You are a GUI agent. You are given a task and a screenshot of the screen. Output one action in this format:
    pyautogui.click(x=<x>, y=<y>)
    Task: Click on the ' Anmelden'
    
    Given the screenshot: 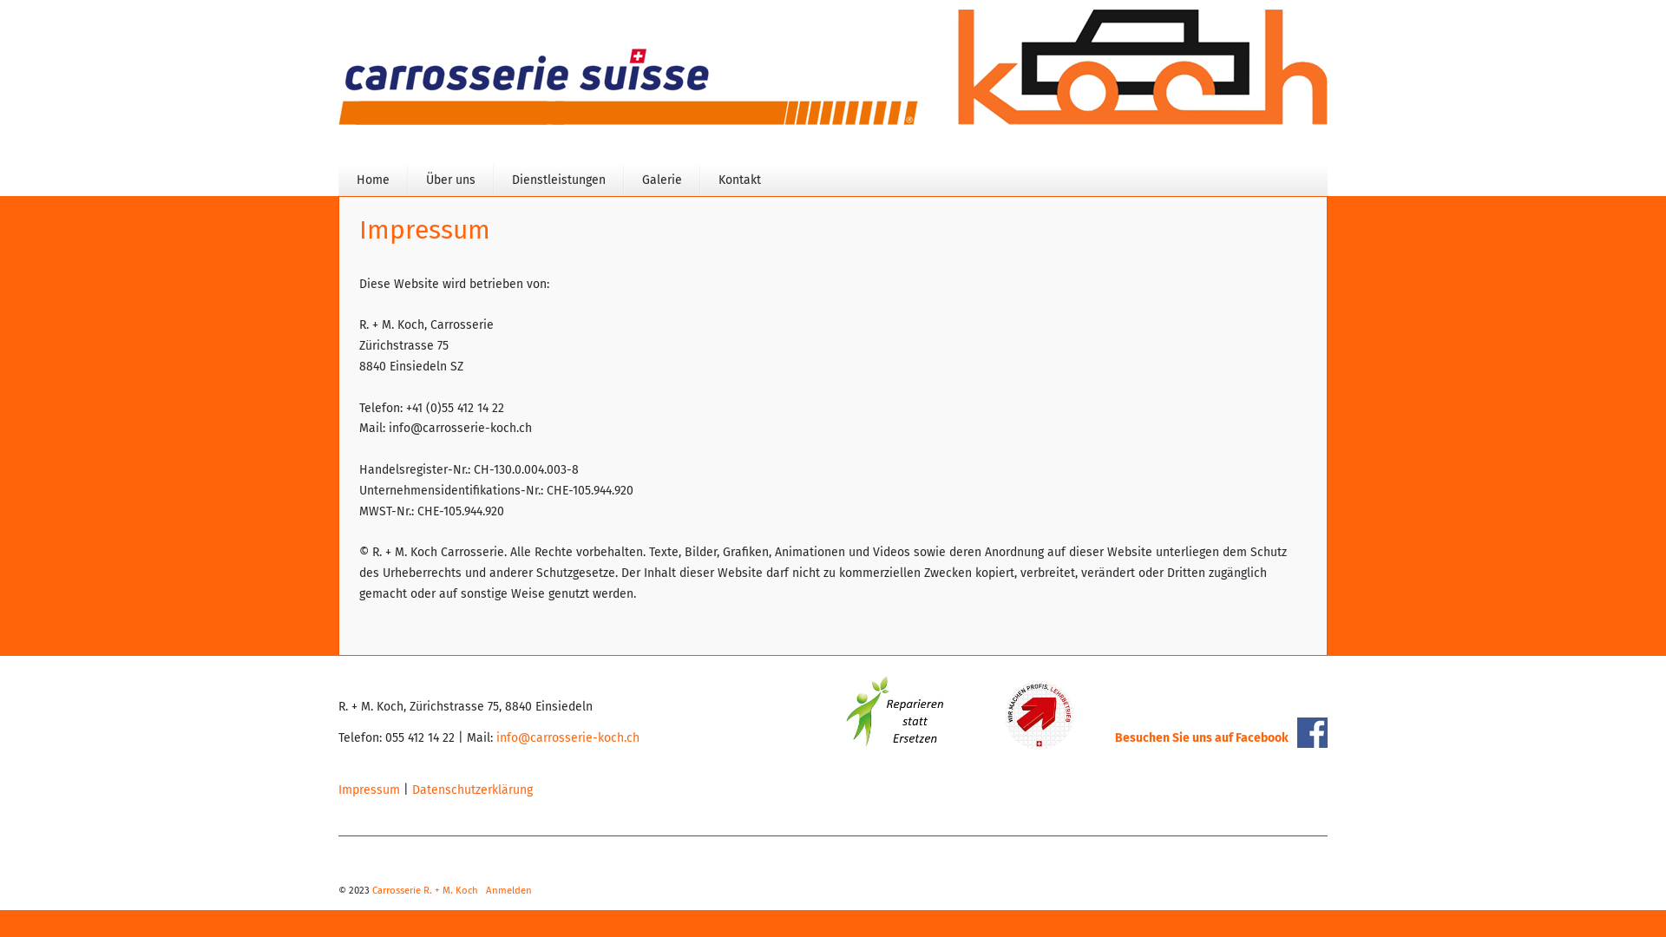 What is the action you would take?
    pyautogui.click(x=507, y=890)
    